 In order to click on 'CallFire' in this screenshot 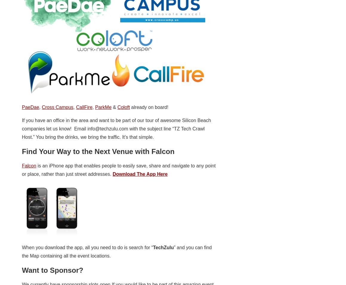, I will do `click(84, 107)`.